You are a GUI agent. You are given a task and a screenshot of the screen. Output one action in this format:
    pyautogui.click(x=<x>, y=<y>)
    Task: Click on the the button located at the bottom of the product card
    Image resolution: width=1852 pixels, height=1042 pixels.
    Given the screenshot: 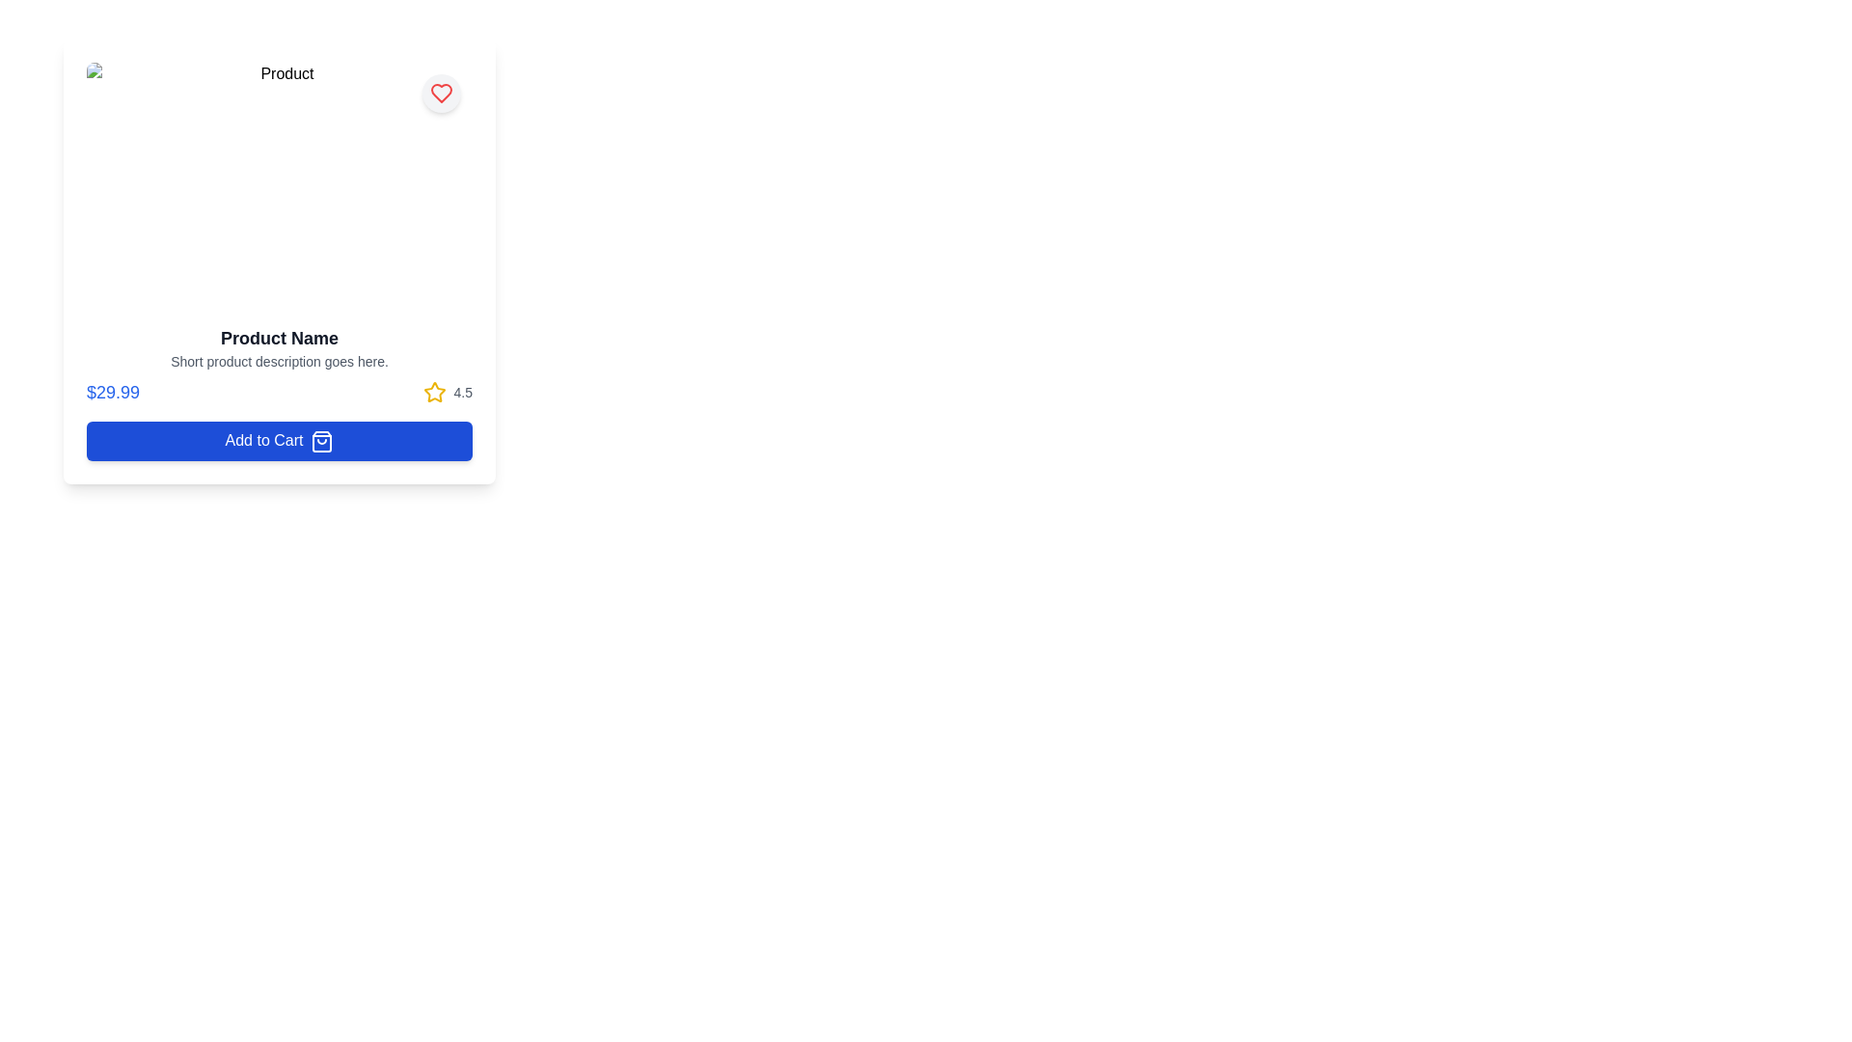 What is the action you would take?
    pyautogui.click(x=278, y=440)
    